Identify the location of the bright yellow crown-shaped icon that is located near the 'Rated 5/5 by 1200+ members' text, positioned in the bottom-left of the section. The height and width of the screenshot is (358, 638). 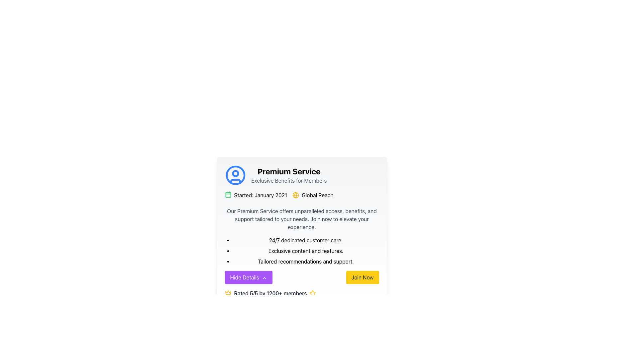
(228, 293).